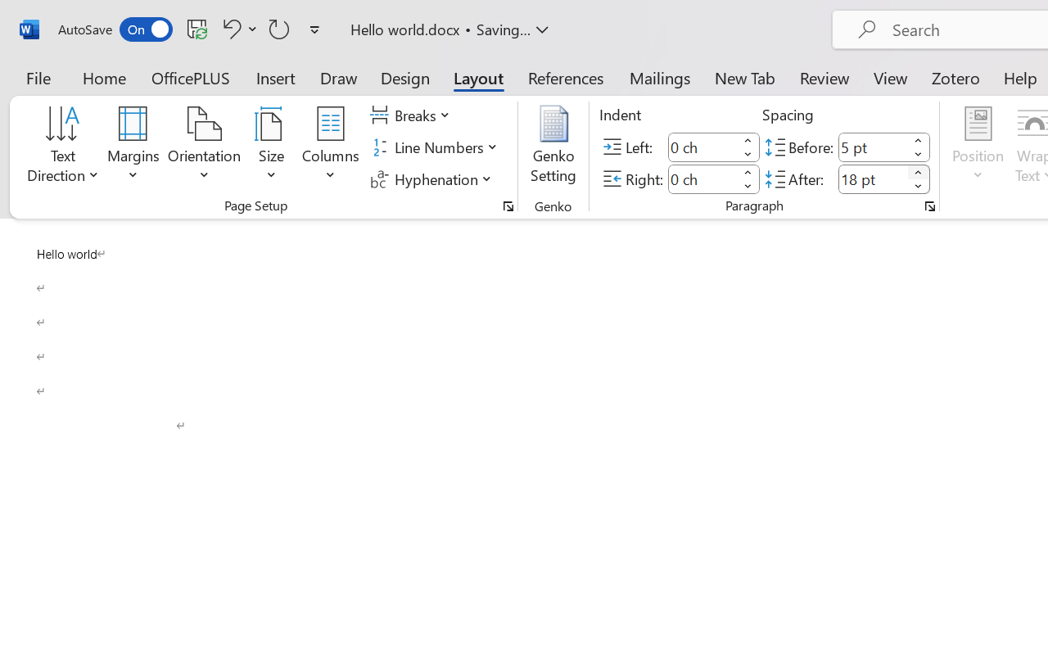  I want to click on 'OfficePLUS', so click(191, 77).